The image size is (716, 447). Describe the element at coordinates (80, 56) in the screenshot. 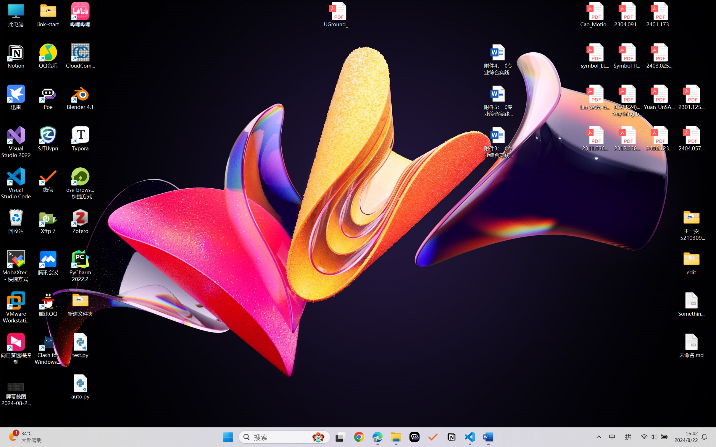

I see `'CloudCompare'` at that location.